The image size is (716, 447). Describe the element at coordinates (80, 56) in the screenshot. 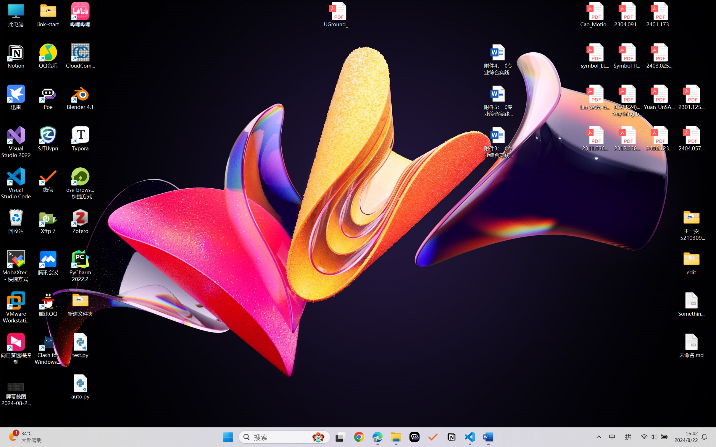

I see `'CloudCompare'` at that location.